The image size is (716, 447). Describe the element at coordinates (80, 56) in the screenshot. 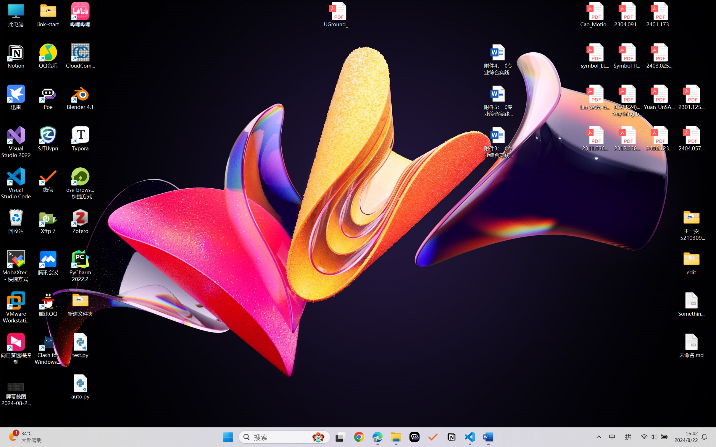

I see `'CloudCompare'` at that location.